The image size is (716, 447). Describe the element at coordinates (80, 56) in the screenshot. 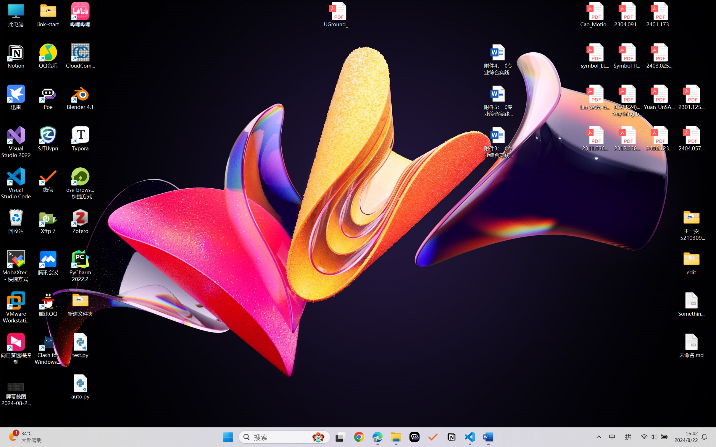

I see `'CloudCompare'` at that location.